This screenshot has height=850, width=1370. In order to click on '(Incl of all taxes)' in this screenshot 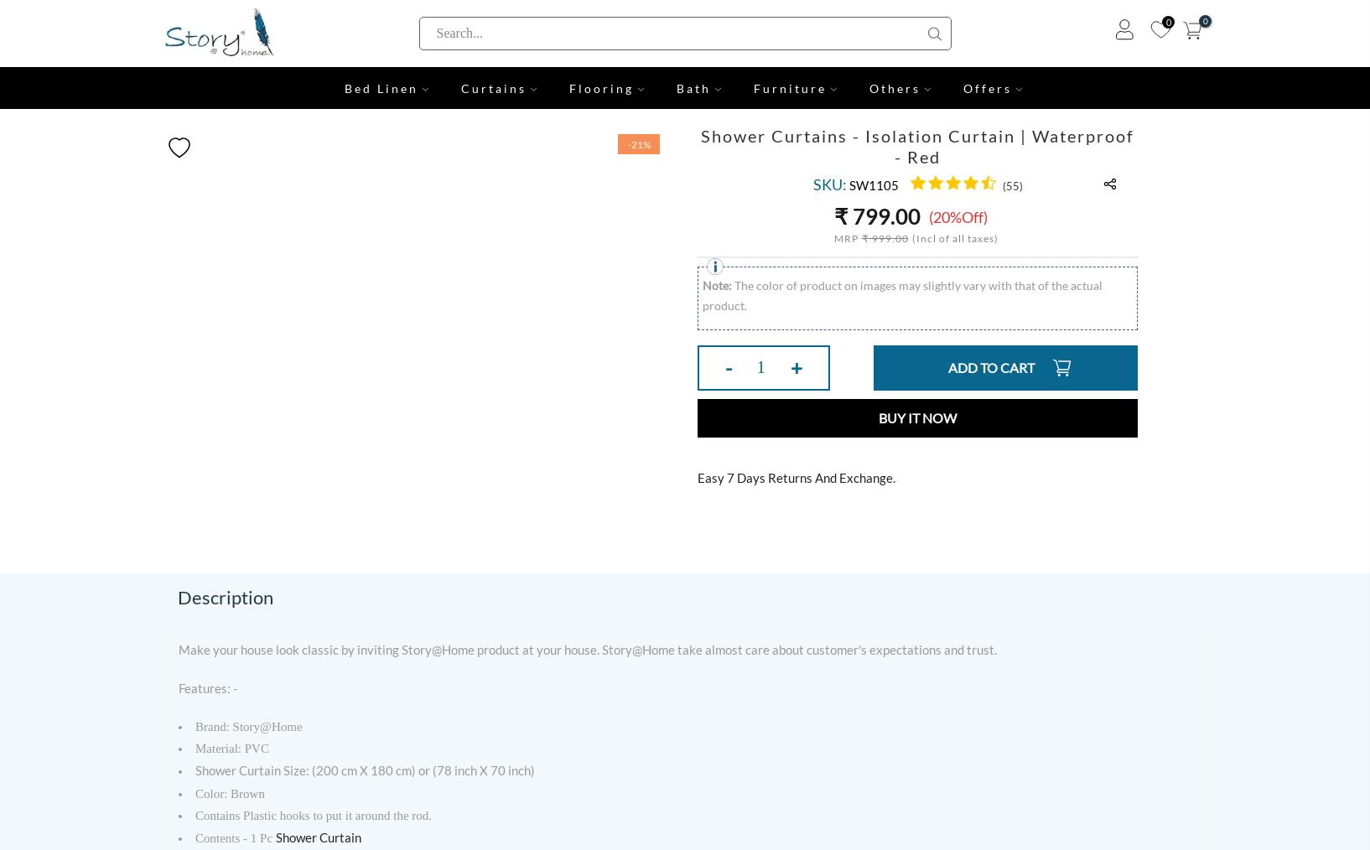, I will do `click(954, 237)`.